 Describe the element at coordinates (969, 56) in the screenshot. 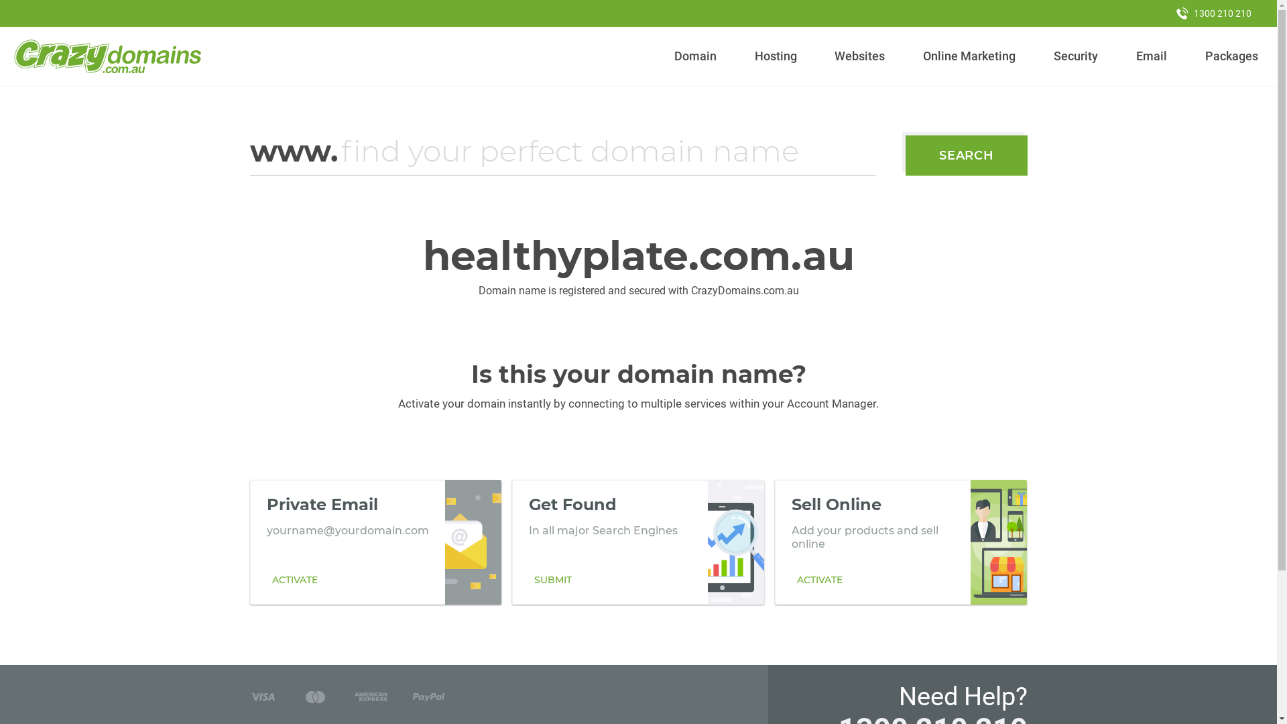

I see `'Online Marketing'` at that location.